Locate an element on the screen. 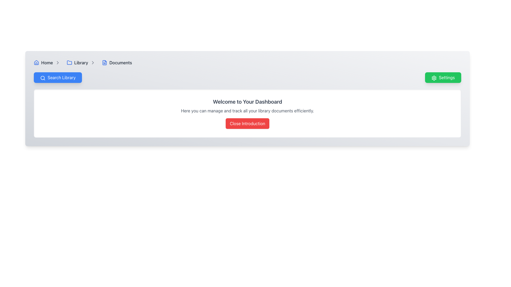  the 'Library' hyperlink in the breadcrumb navigation bar is located at coordinates (81, 62).